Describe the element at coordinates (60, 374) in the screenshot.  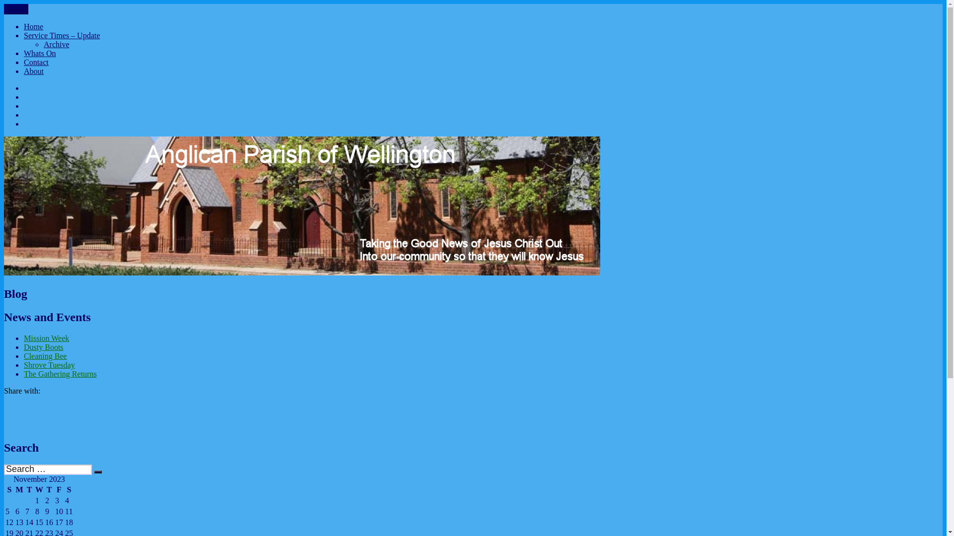
I see `'The Gathering Returns'` at that location.